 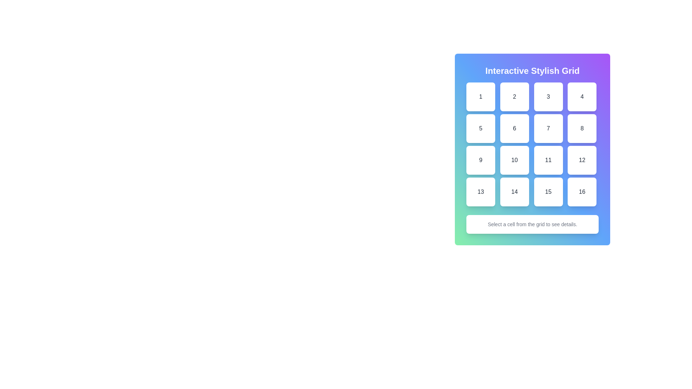 I want to click on the square button with rounded corners, white background, and the number '12' centered in black font, so click(x=582, y=160).